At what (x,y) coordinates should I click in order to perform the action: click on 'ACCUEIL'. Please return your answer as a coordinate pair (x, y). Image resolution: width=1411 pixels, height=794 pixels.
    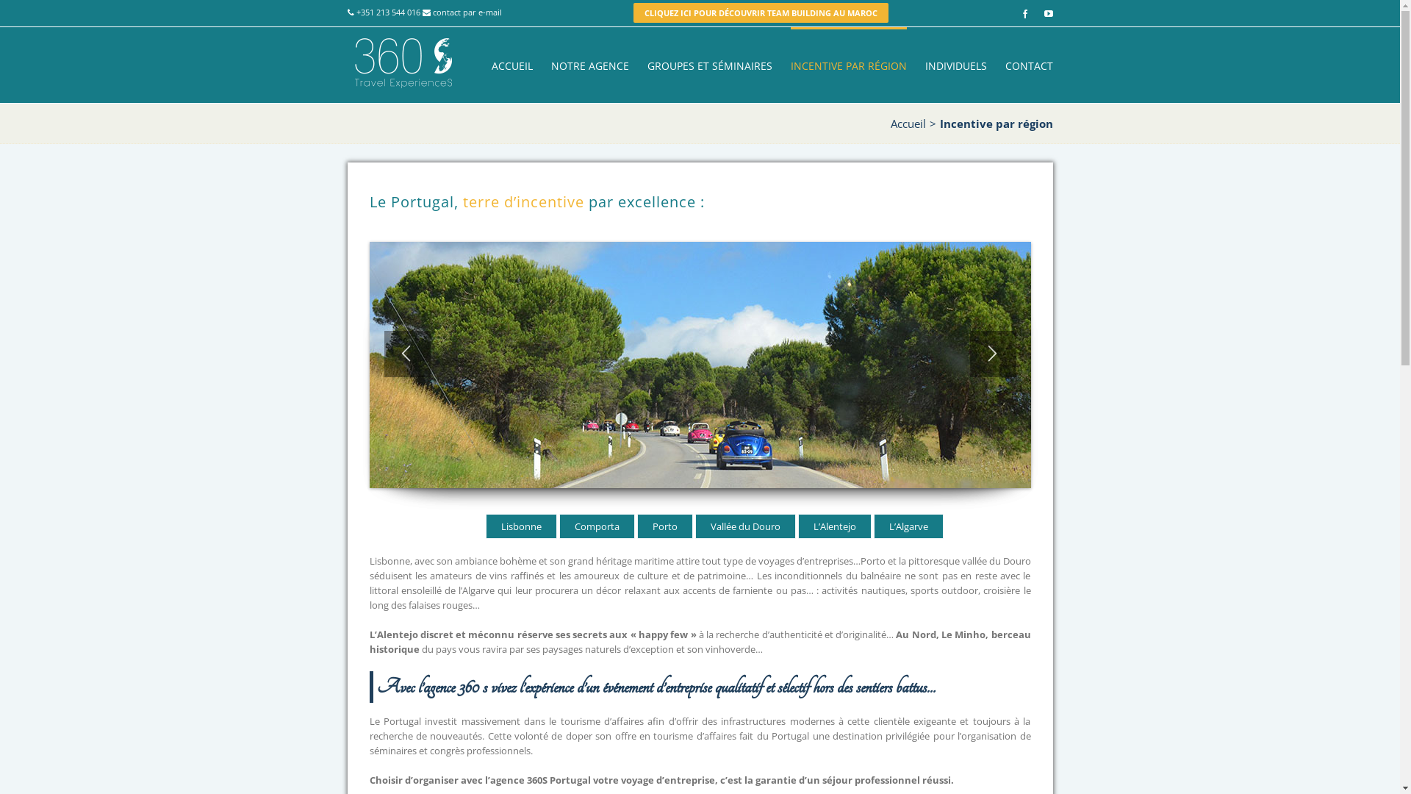
    Looking at the image, I should click on (511, 64).